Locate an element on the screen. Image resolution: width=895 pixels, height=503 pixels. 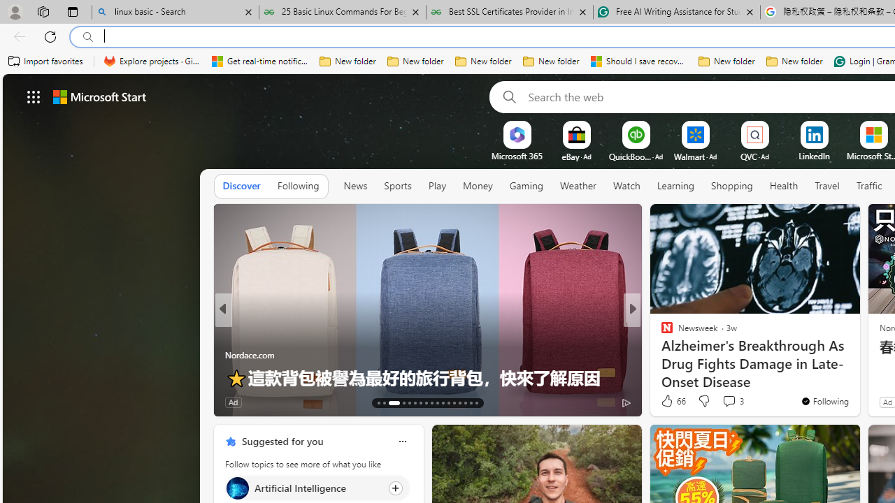
'AutomationID: tab-20' is located at coordinates (425, 403).